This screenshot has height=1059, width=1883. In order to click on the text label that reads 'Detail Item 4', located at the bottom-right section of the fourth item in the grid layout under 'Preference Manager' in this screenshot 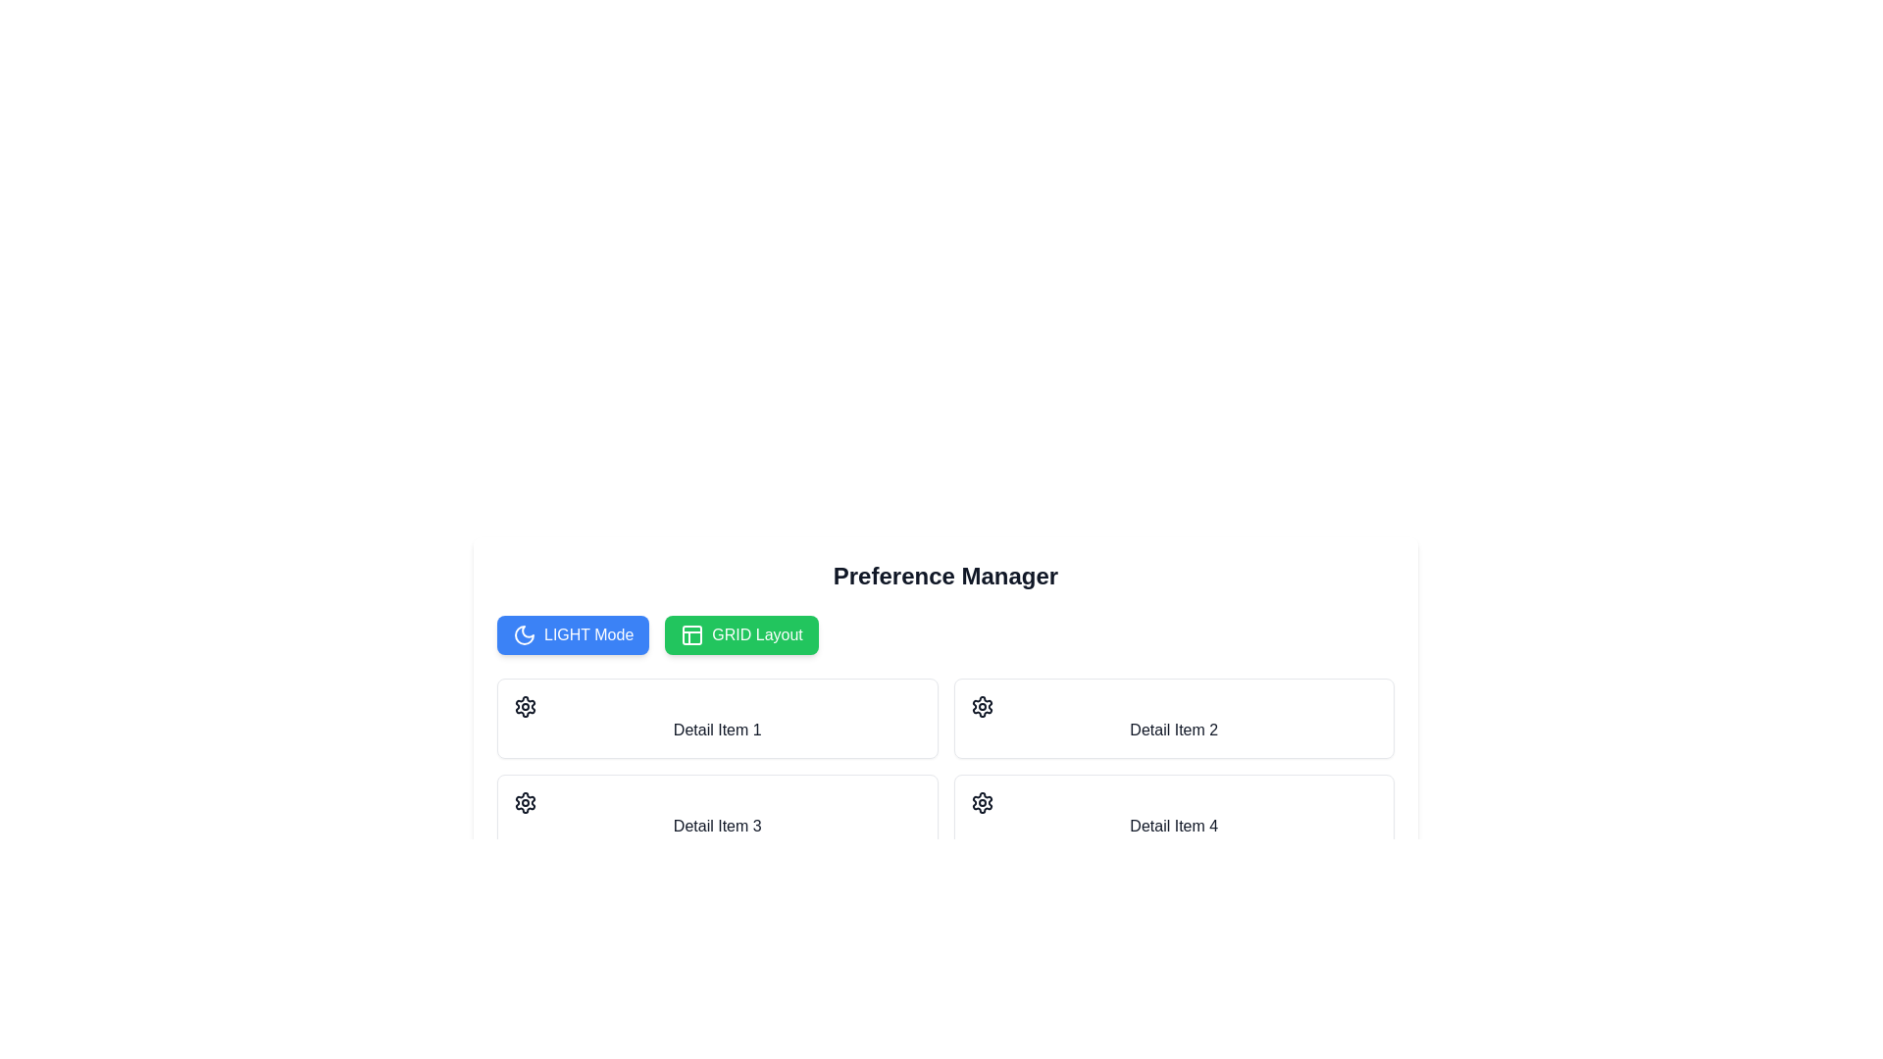, I will do `click(1174, 827)`.